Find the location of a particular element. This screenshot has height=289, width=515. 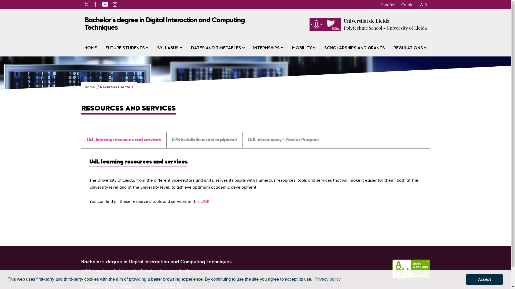

'Wifi' is located at coordinates (423, 4).